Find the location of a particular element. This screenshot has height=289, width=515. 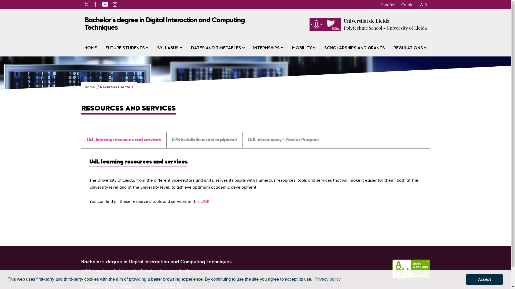

'Wifi' is located at coordinates (423, 4).